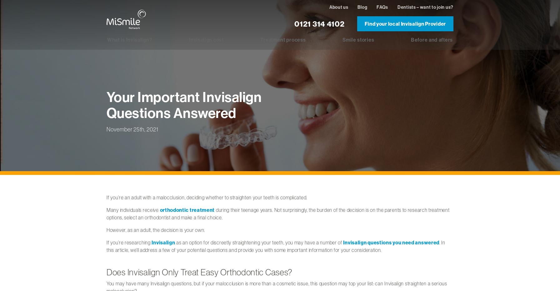  What do you see at coordinates (260, 39) in the screenshot?
I see `'Treatment process'` at bounding box center [260, 39].